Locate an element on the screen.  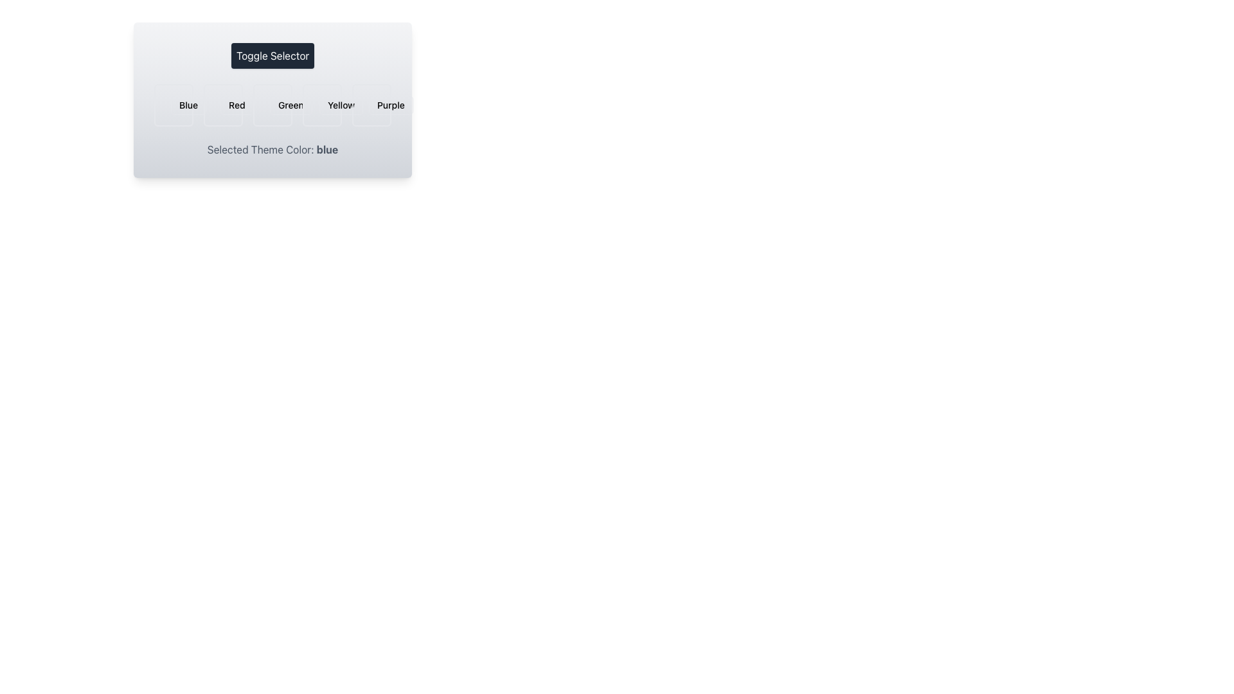
on the 'Blue' selectable button, which is a rectangular button with rounded corners, light blue background, and a blue border, located in the first position of the color options grid is located at coordinates (173, 105).